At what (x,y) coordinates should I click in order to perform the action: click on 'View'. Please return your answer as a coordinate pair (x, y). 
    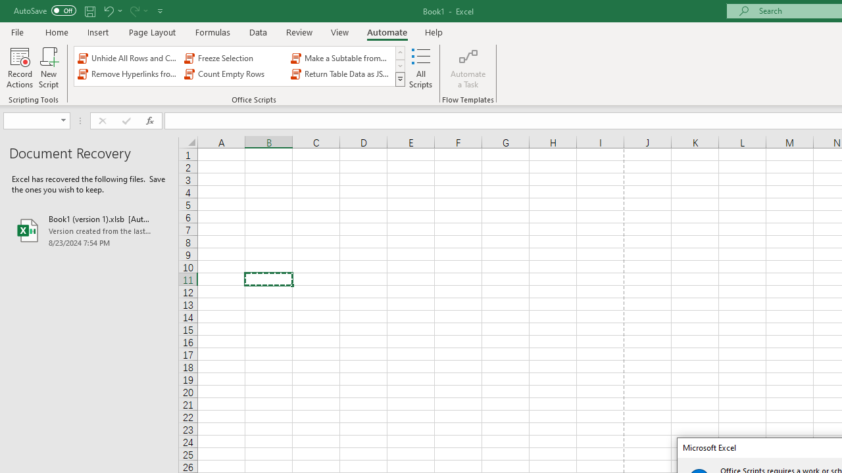
    Looking at the image, I should click on (340, 32).